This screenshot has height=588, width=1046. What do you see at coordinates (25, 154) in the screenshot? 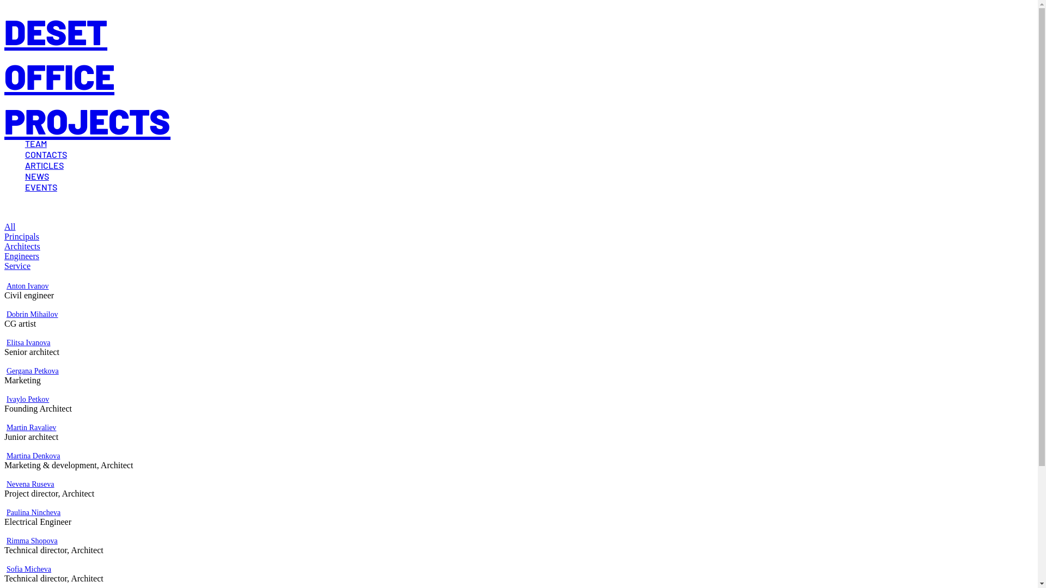
I see `'CONTACTS'` at bounding box center [25, 154].